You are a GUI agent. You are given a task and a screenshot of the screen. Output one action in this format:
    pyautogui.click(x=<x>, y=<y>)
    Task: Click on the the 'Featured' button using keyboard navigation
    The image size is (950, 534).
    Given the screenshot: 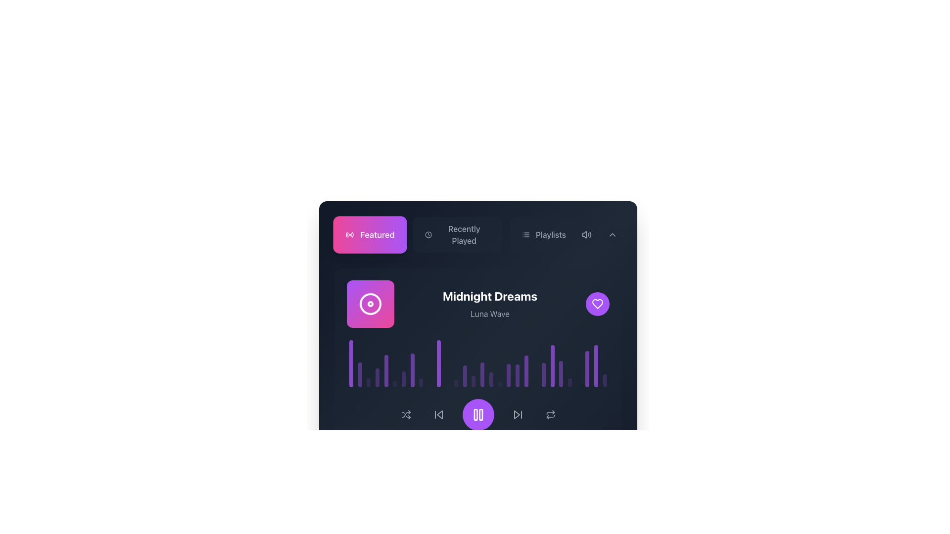 What is the action you would take?
    pyautogui.click(x=370, y=234)
    